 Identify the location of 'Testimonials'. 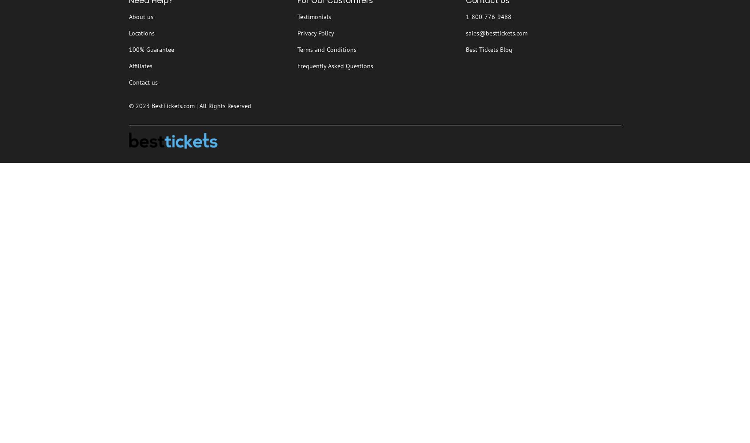
(313, 17).